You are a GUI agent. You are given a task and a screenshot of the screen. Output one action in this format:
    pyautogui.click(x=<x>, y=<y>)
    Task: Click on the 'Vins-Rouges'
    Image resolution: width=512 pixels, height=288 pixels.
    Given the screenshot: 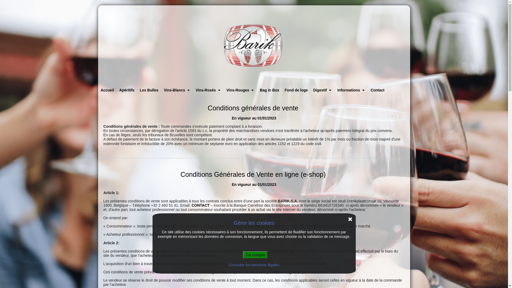 What is the action you would take?
    pyautogui.click(x=240, y=90)
    